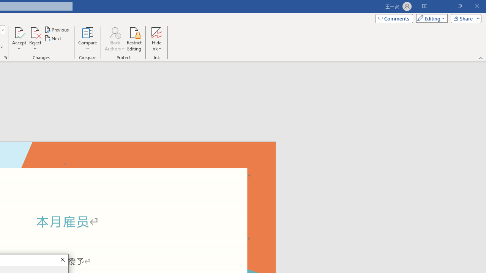 This screenshot has width=486, height=273. Describe the element at coordinates (430, 18) in the screenshot. I see `'Mode'` at that location.